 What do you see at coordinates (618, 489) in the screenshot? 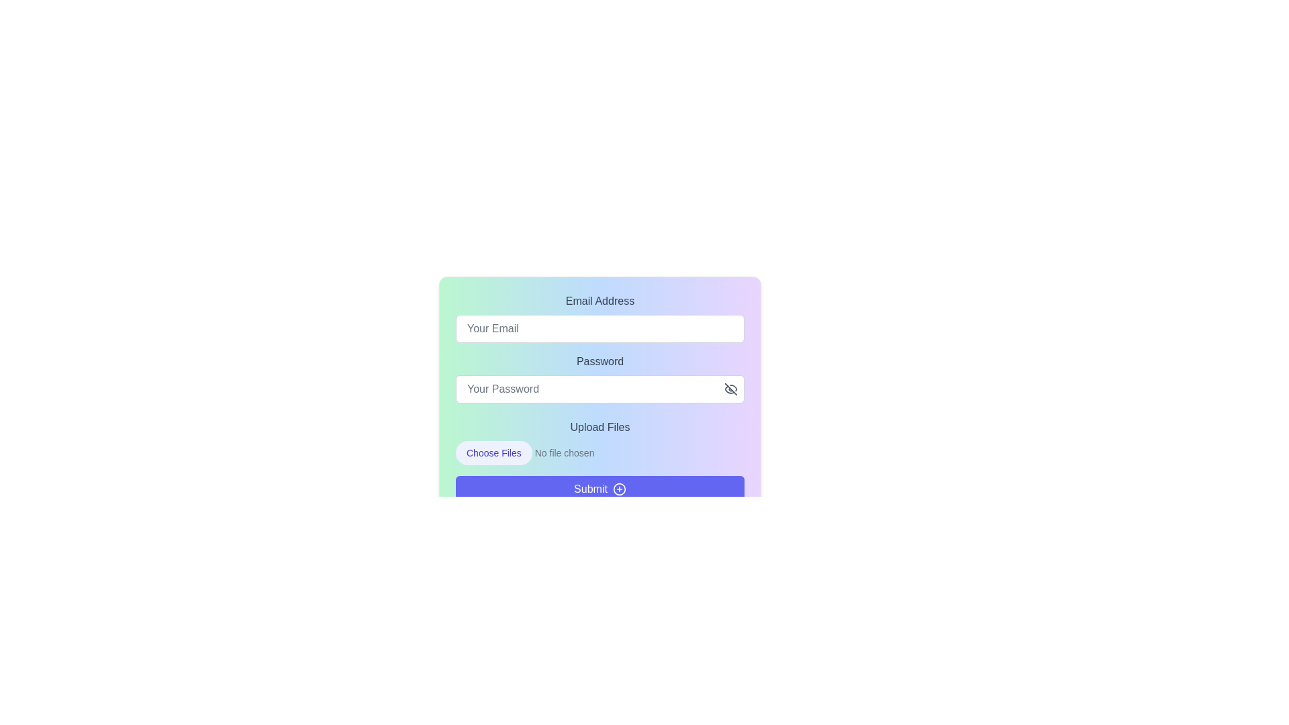
I see `the decorative icon element positioned to the right of the 'Submit' text in the button` at bounding box center [618, 489].